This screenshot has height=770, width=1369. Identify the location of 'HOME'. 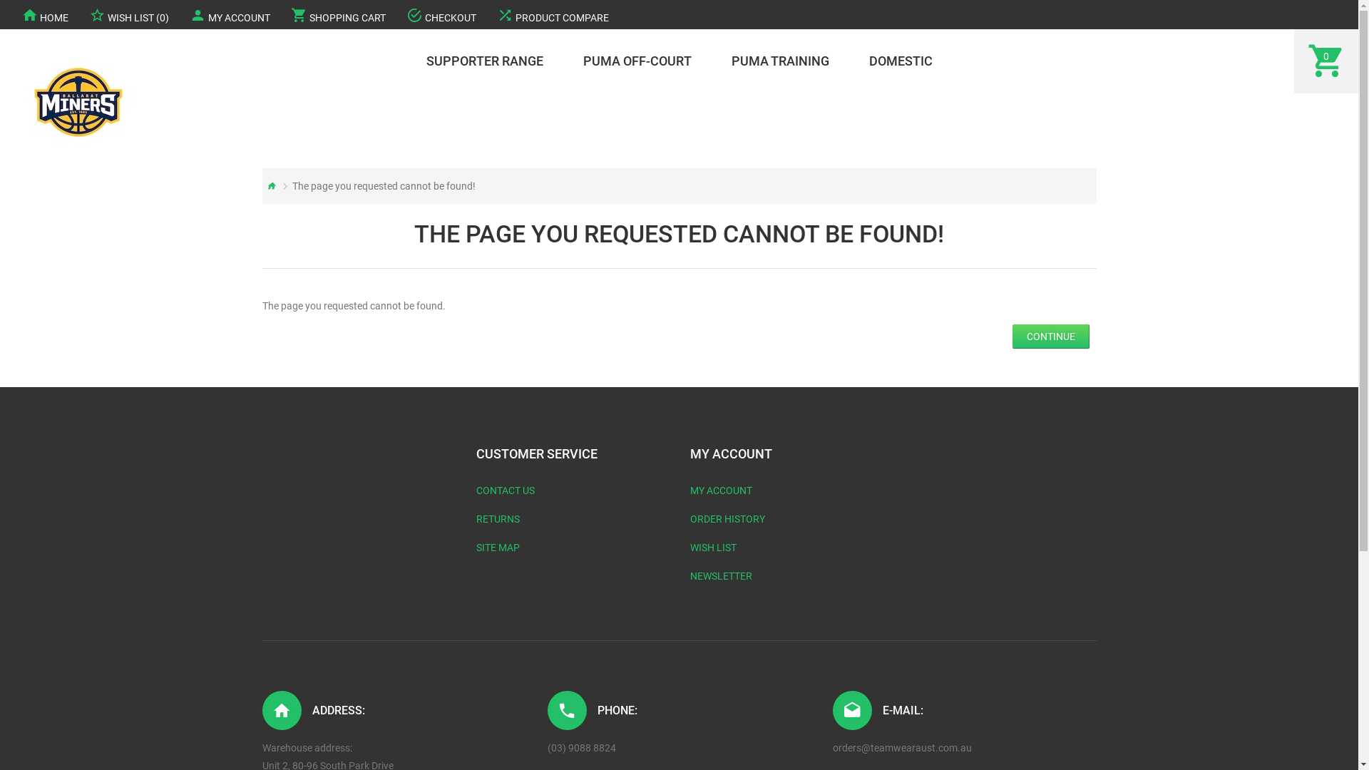
(10, 14).